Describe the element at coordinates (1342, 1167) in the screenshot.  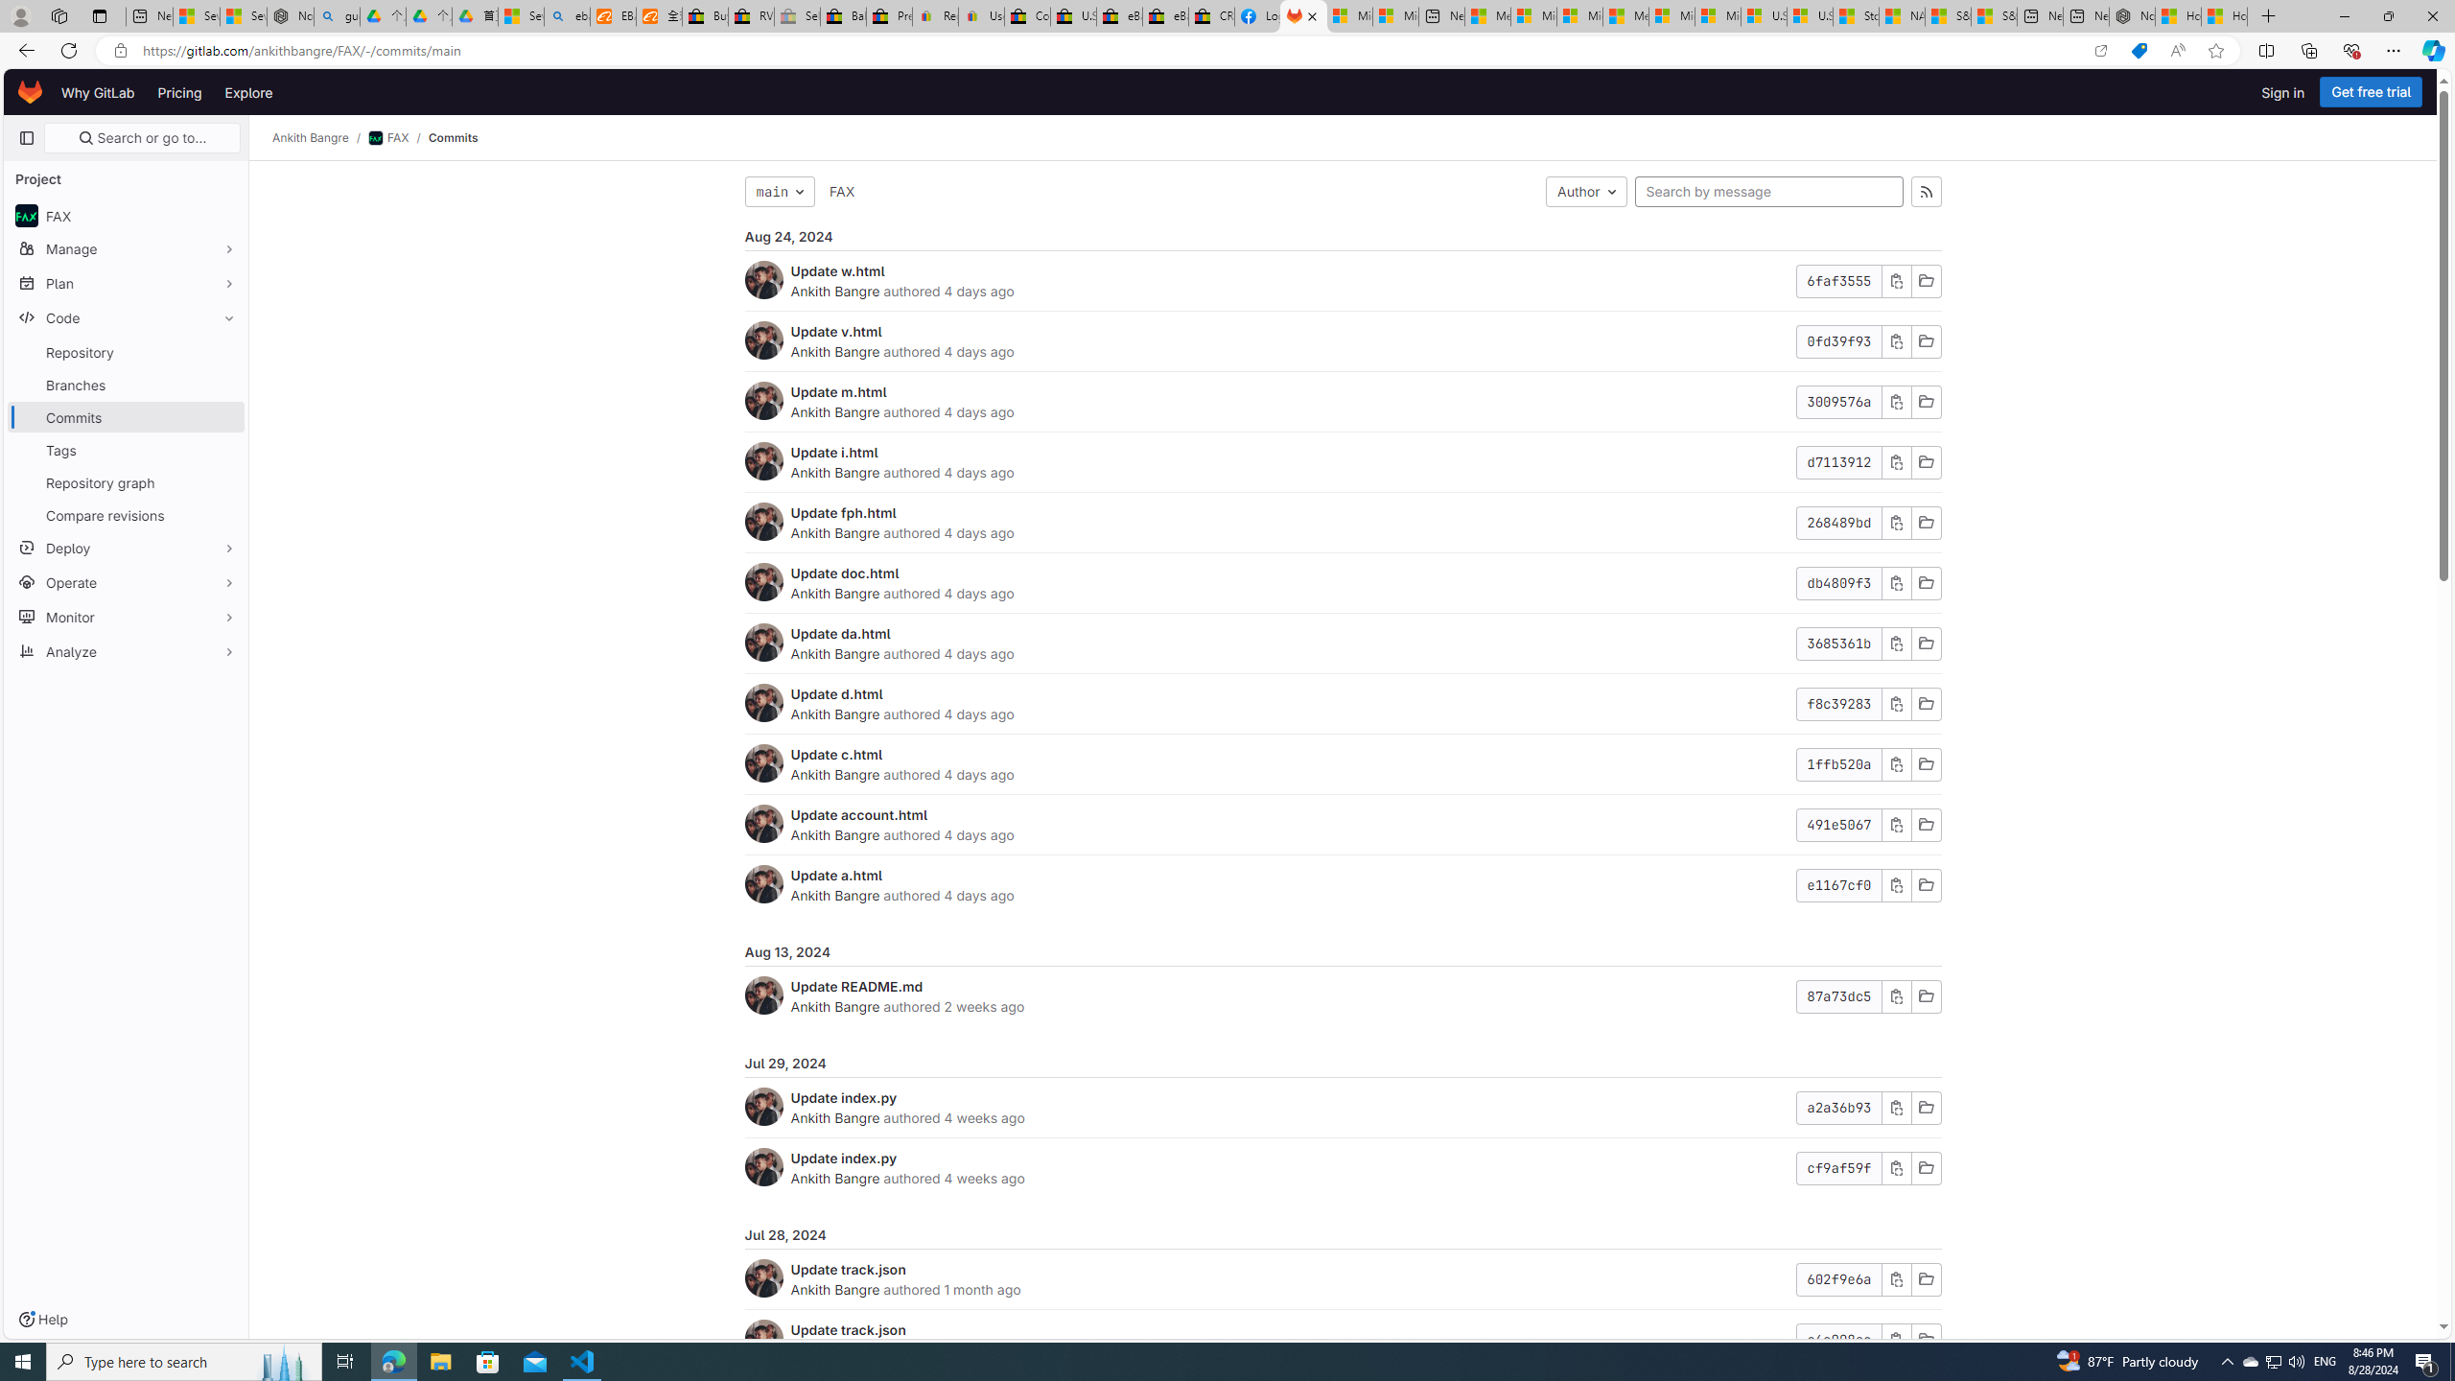
I see `'Update index.pyAnkith Bangre authored 4 weeks agocf9af59f'` at that location.